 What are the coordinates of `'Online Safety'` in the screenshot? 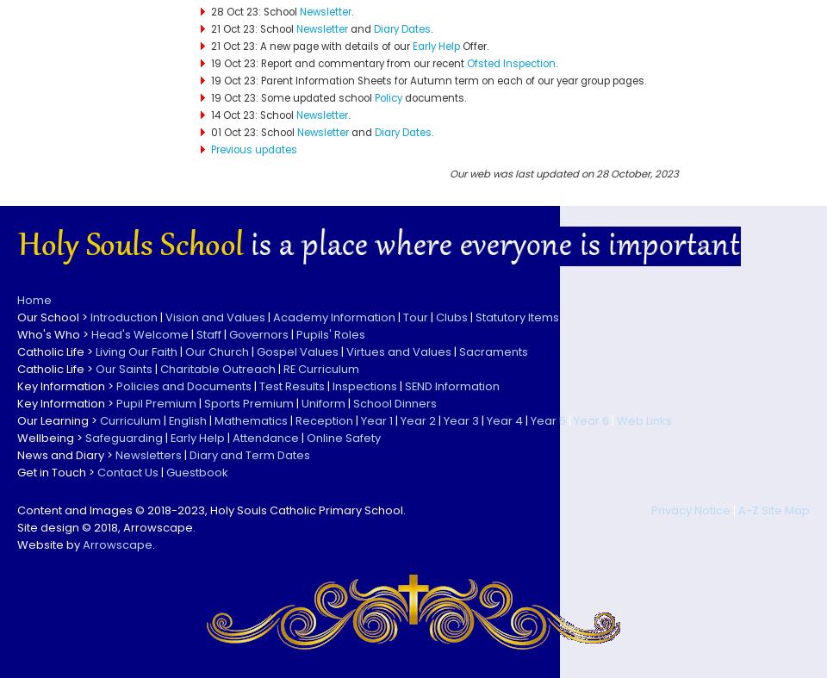 It's located at (342, 437).